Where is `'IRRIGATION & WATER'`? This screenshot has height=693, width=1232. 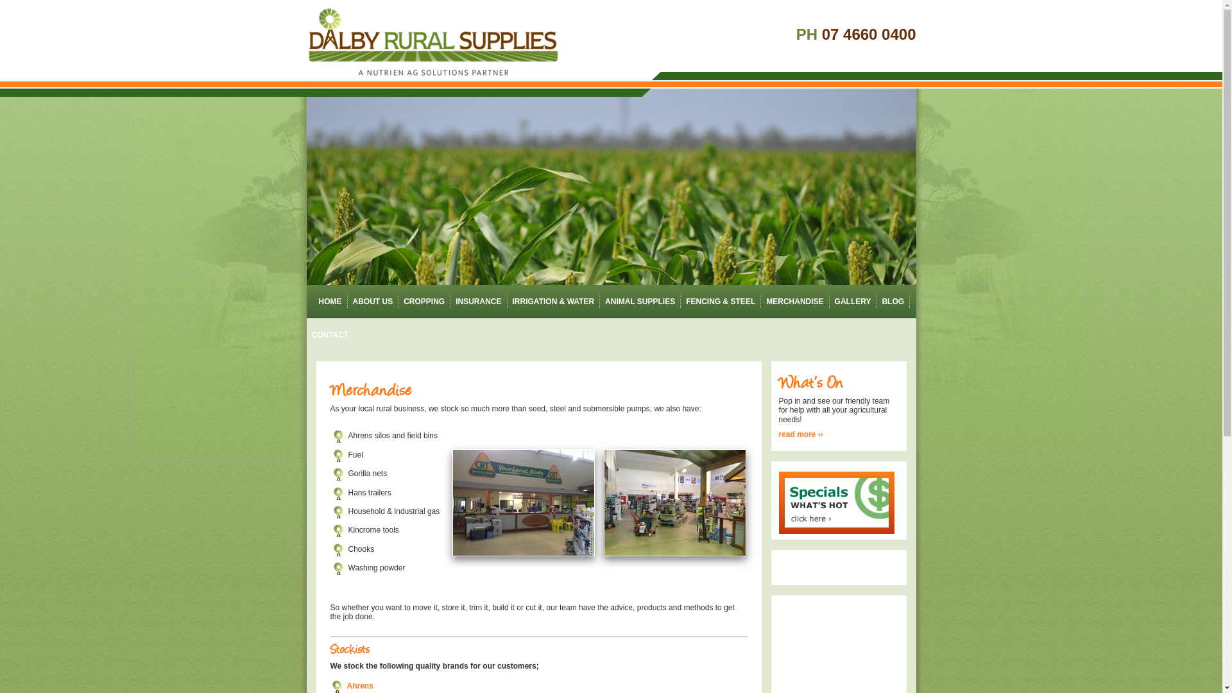 'IRRIGATION & WATER' is located at coordinates (554, 302).